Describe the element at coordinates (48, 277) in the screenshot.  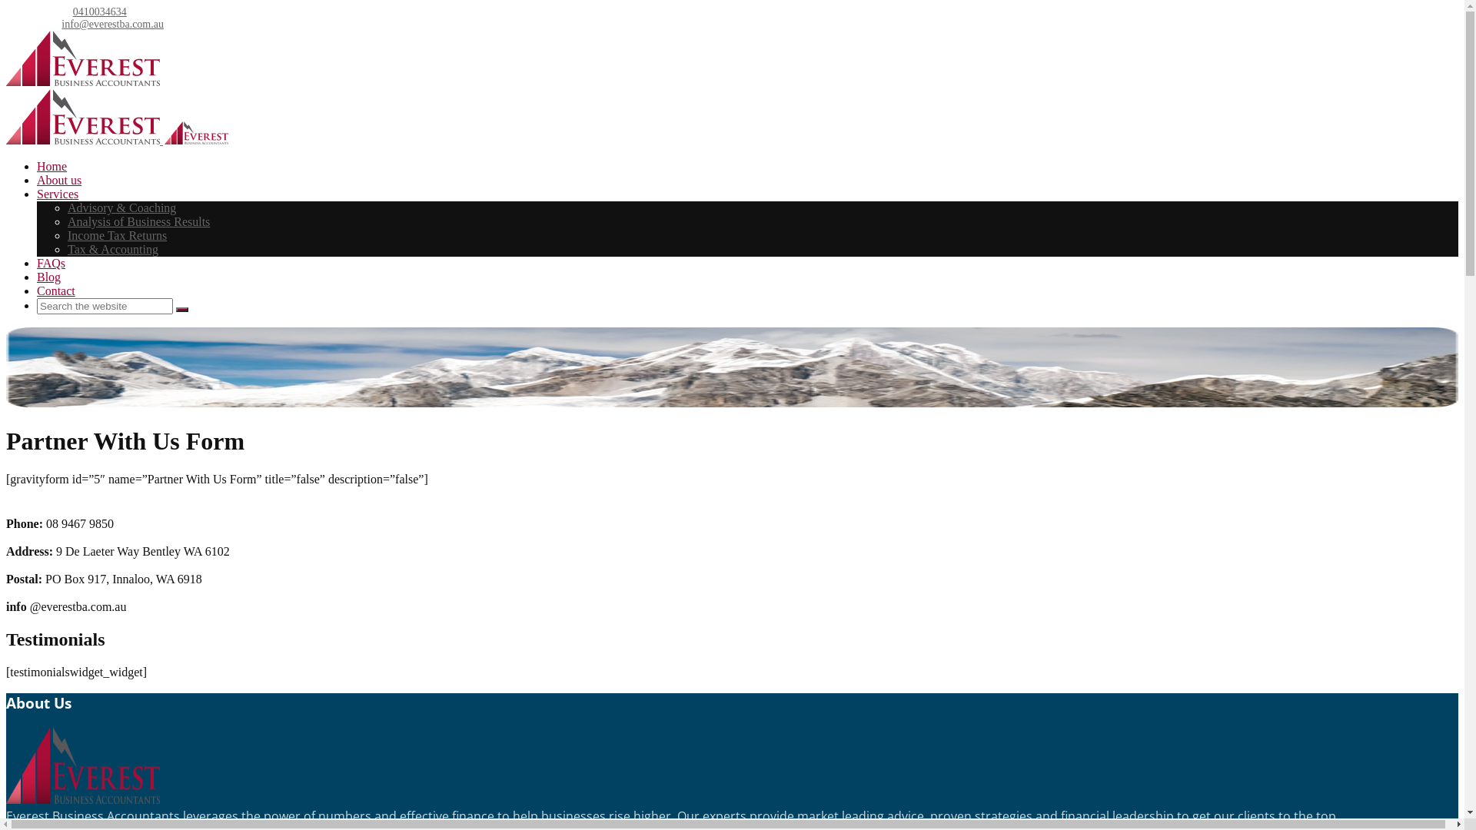
I see `'Blog'` at that location.